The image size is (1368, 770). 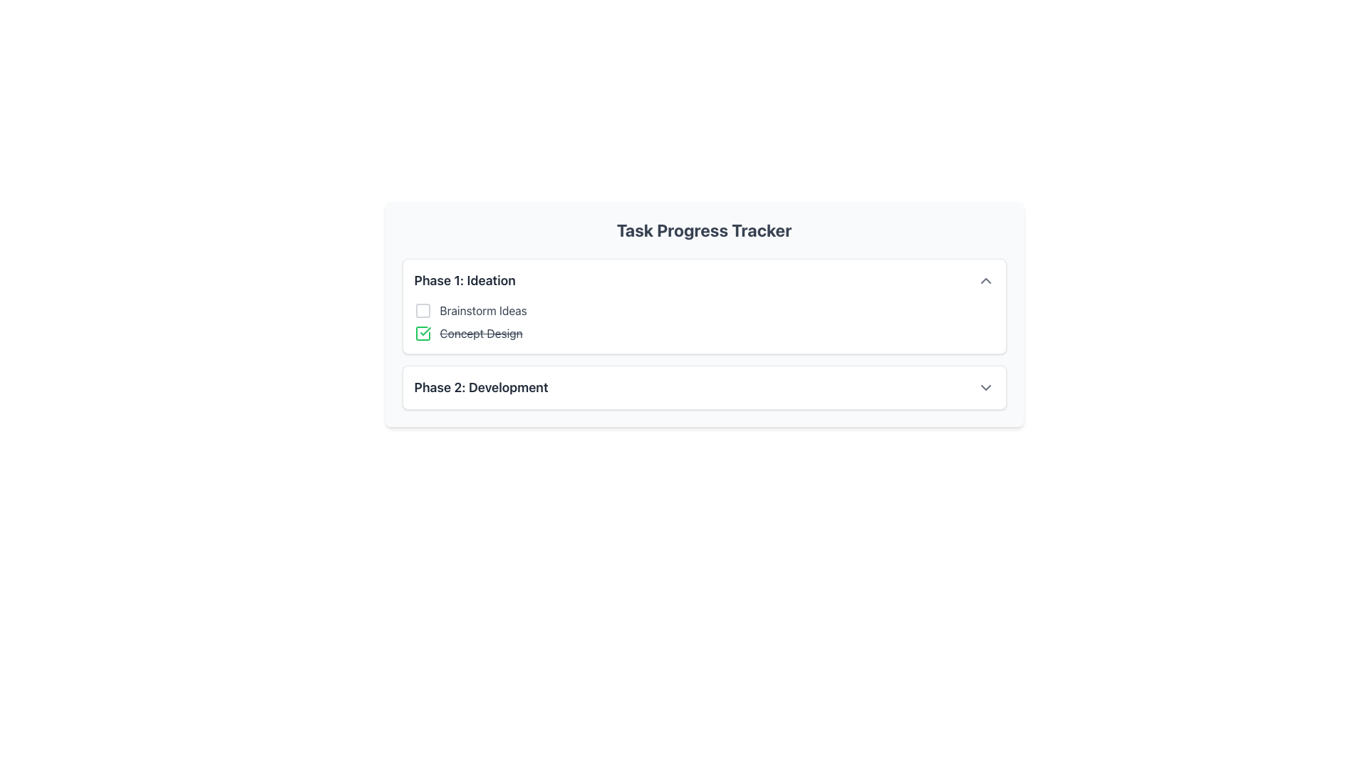 I want to click on the Icon Button for the 'Phase 2: Development' section to observe visual changes, so click(x=985, y=387).